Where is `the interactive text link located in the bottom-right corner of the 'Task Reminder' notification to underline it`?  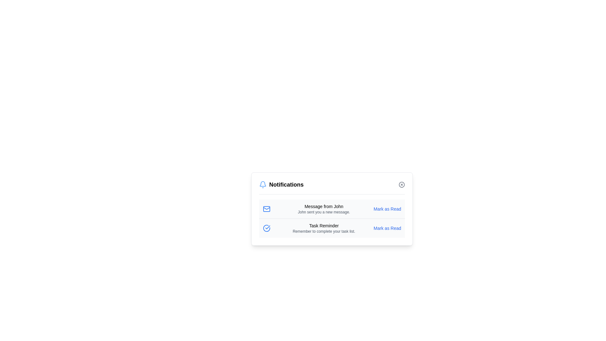 the interactive text link located in the bottom-right corner of the 'Task Reminder' notification to underline it is located at coordinates (387, 228).